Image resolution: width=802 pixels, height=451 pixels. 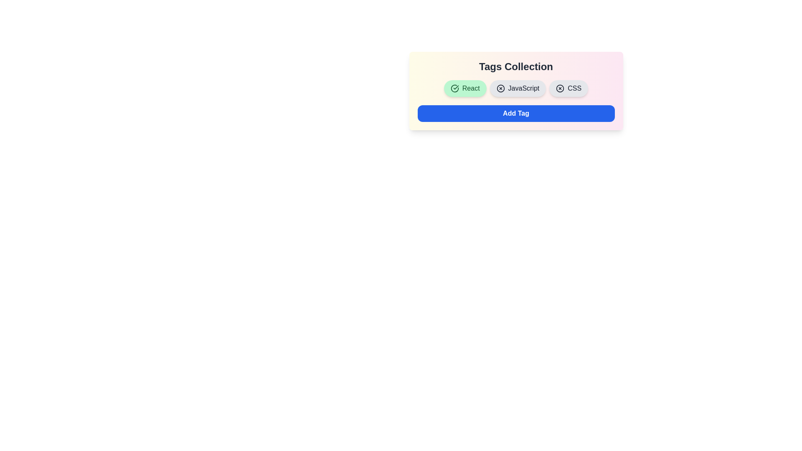 What do you see at coordinates (568, 89) in the screenshot?
I see `the tag labeled CSS` at bounding box center [568, 89].